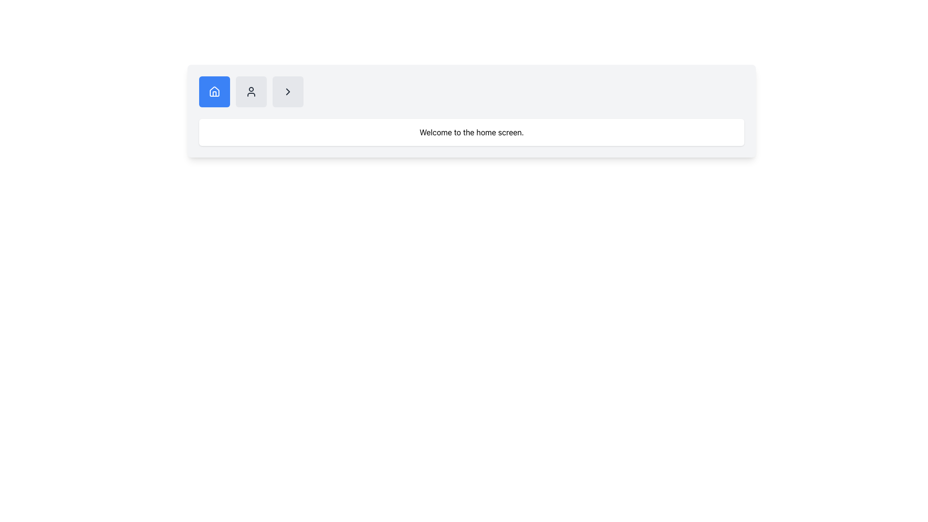 The image size is (928, 522). Describe the element at coordinates (251, 91) in the screenshot. I see `the user profile icon located between the blue home icon and the forward arrow icon in the horizontal navigation bar` at that location.